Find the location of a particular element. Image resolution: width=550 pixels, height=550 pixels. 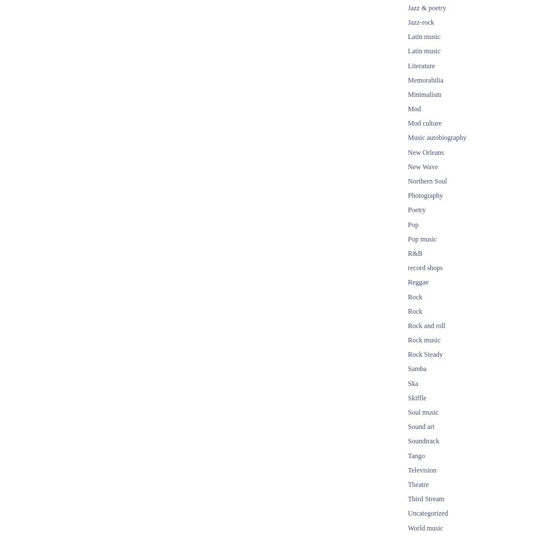

'Rock Steady' is located at coordinates (425, 353).